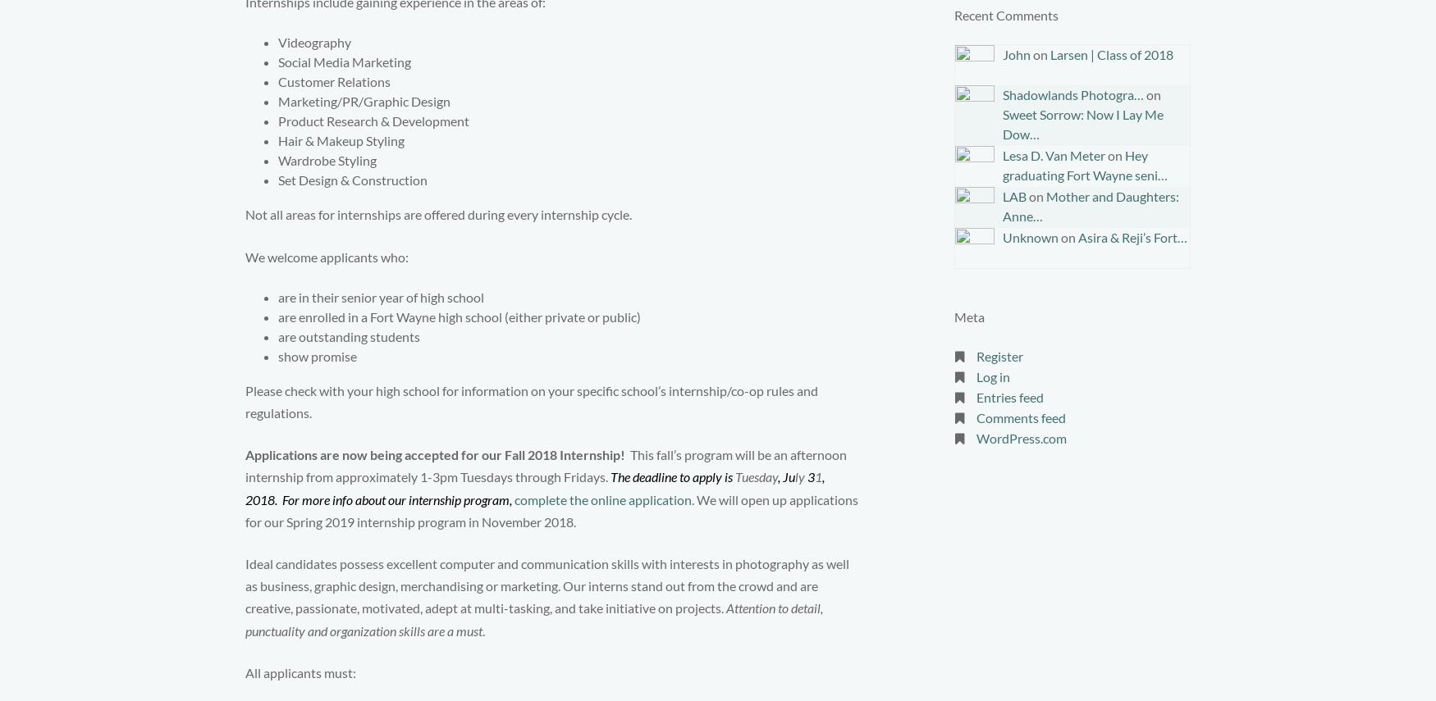 The image size is (1436, 701). What do you see at coordinates (756, 476) in the screenshot?
I see `'Tuesday'` at bounding box center [756, 476].